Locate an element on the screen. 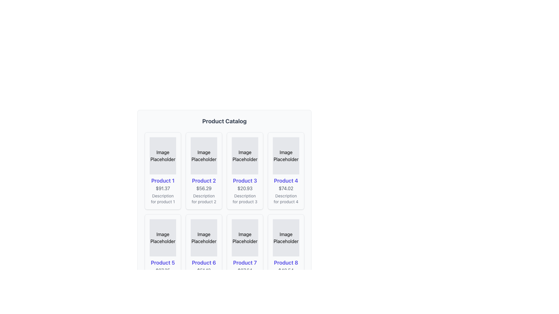 Image resolution: width=559 pixels, height=314 pixels. the Product card that represents a specific product in the catalog, located in the third position of the first row within a 4-column grid layout is located at coordinates (245, 170).